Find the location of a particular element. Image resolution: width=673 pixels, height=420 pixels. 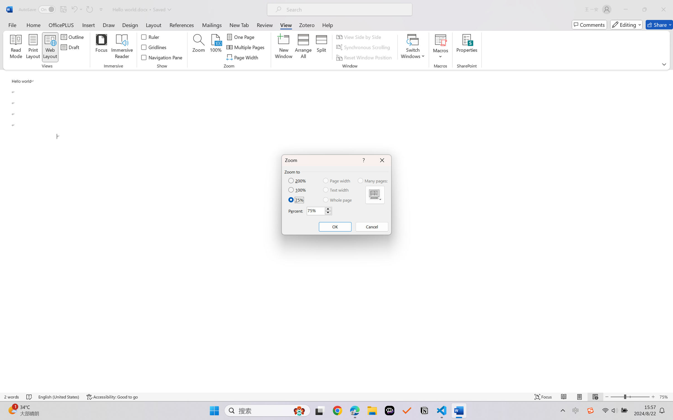

'Review' is located at coordinates (264, 24).